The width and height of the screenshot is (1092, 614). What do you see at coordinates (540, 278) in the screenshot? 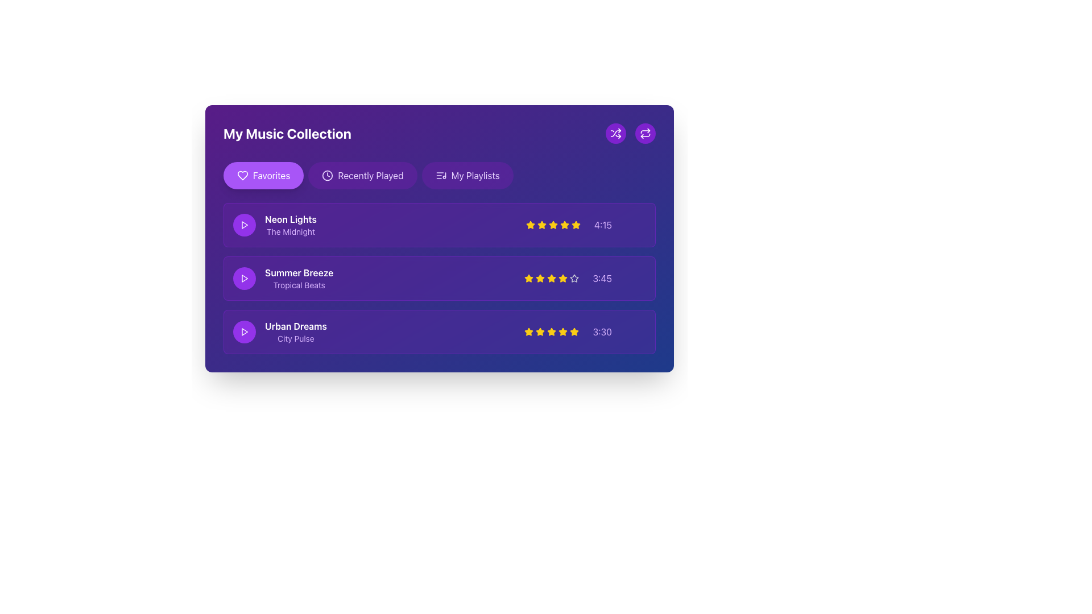
I see `the third rating star icon for the second song 'Summer Breeze' by 'Tropical Beats', which represents a rating value in the range of 1-5` at bounding box center [540, 278].